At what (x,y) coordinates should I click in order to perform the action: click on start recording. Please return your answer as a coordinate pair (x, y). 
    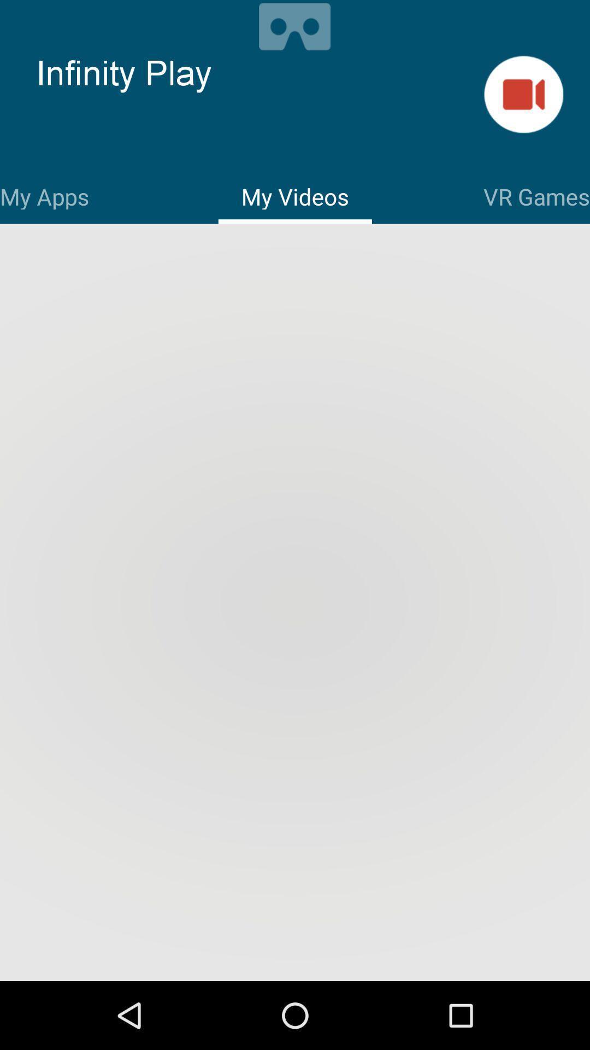
    Looking at the image, I should click on (523, 94).